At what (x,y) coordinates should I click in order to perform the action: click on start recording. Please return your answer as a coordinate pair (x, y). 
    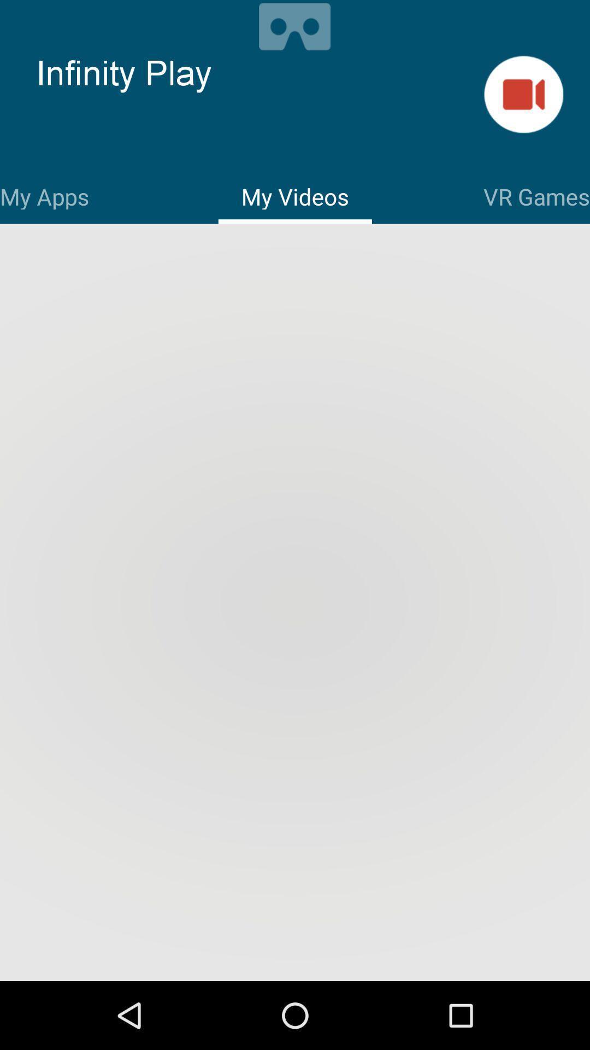
    Looking at the image, I should click on (523, 94).